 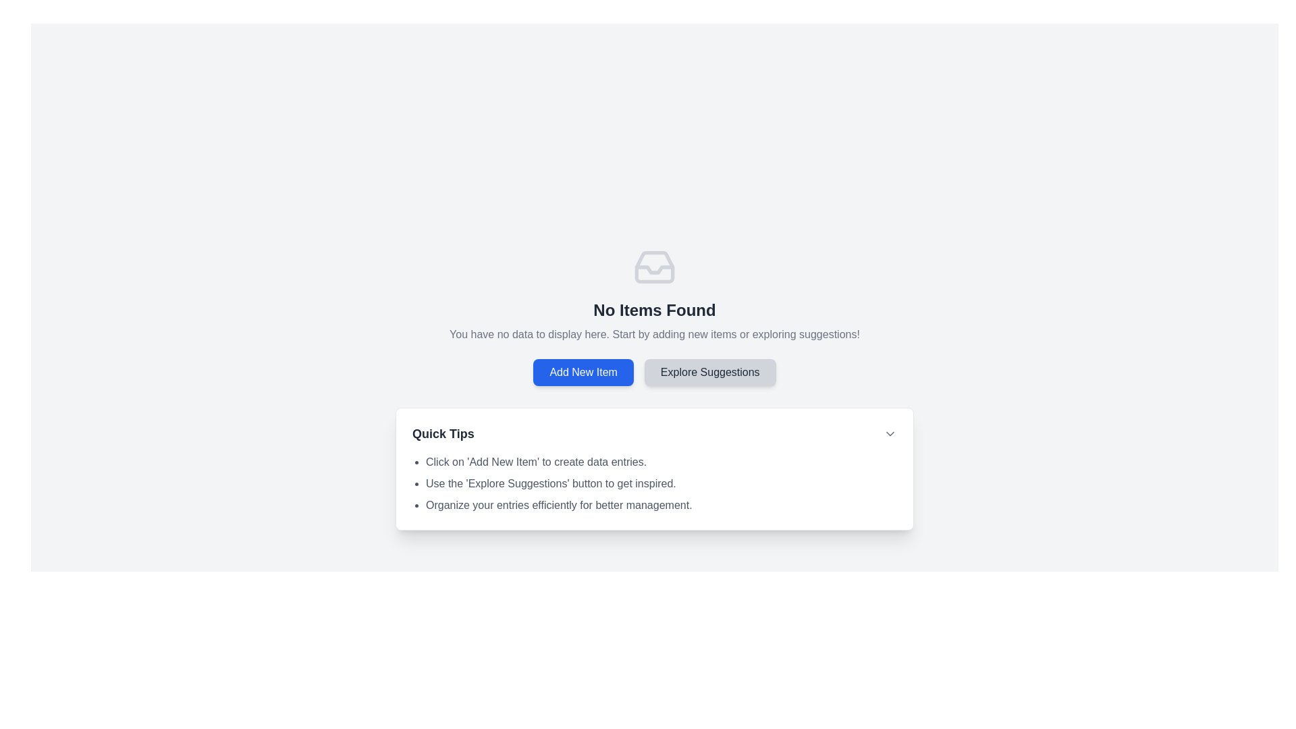 What do you see at coordinates (654, 310) in the screenshot?
I see `the static text label indicating that no items are available, located below the inbox icon and above the action buttons` at bounding box center [654, 310].